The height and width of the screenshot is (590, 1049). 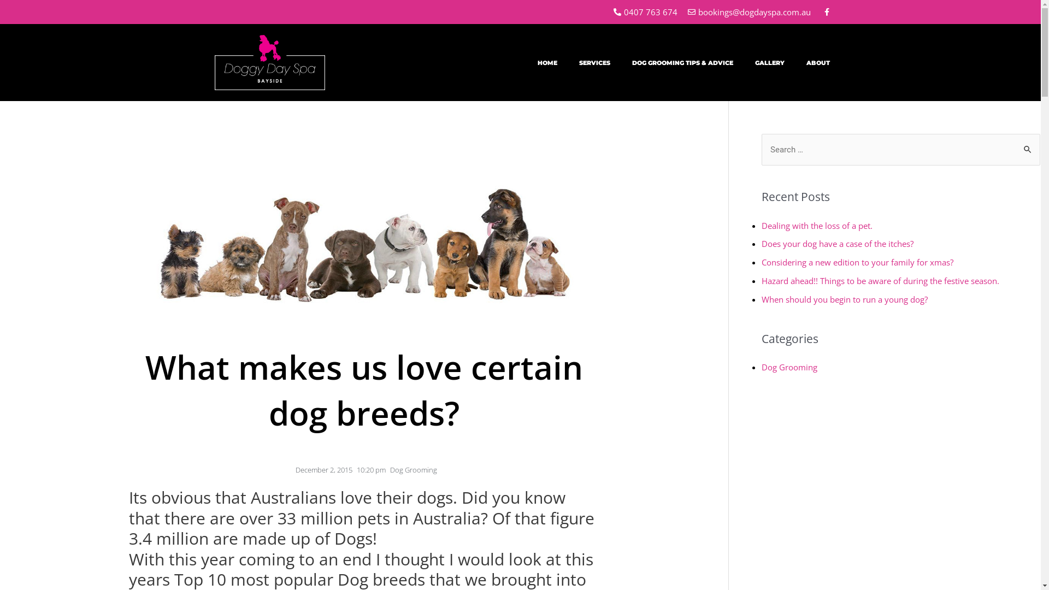 I want to click on 'SERVICES', so click(x=568, y=63).